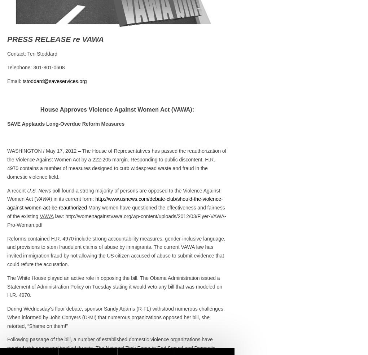 The height and width of the screenshot is (355, 368). I want to click on 'poll found a strong majority of persons are opposed to the Violence Against Women Act (', so click(113, 194).